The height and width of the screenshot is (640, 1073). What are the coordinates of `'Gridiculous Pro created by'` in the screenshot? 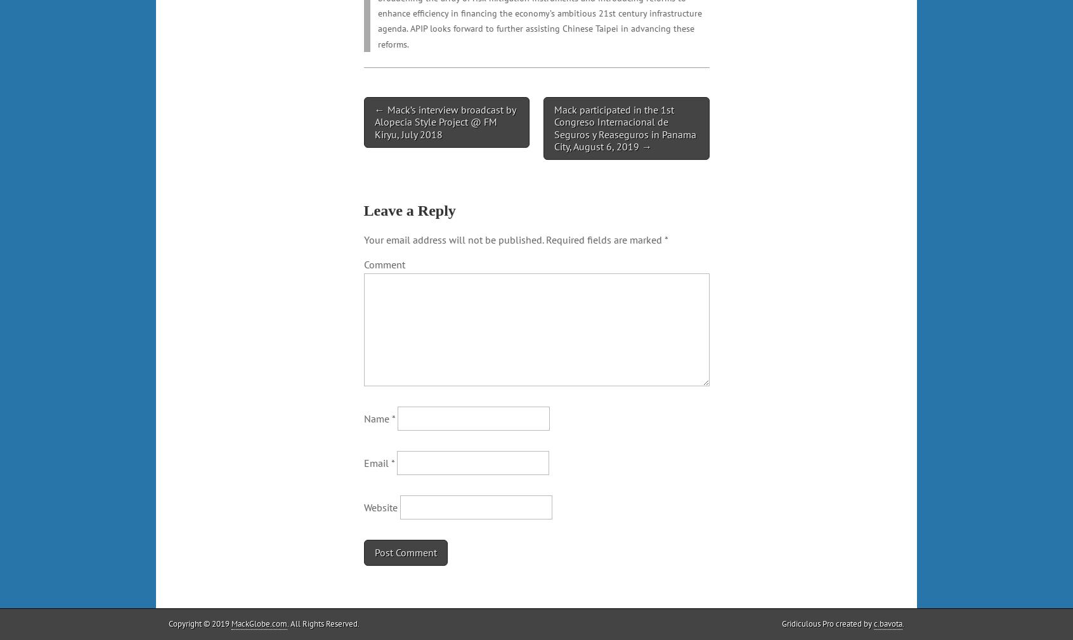 It's located at (827, 623).